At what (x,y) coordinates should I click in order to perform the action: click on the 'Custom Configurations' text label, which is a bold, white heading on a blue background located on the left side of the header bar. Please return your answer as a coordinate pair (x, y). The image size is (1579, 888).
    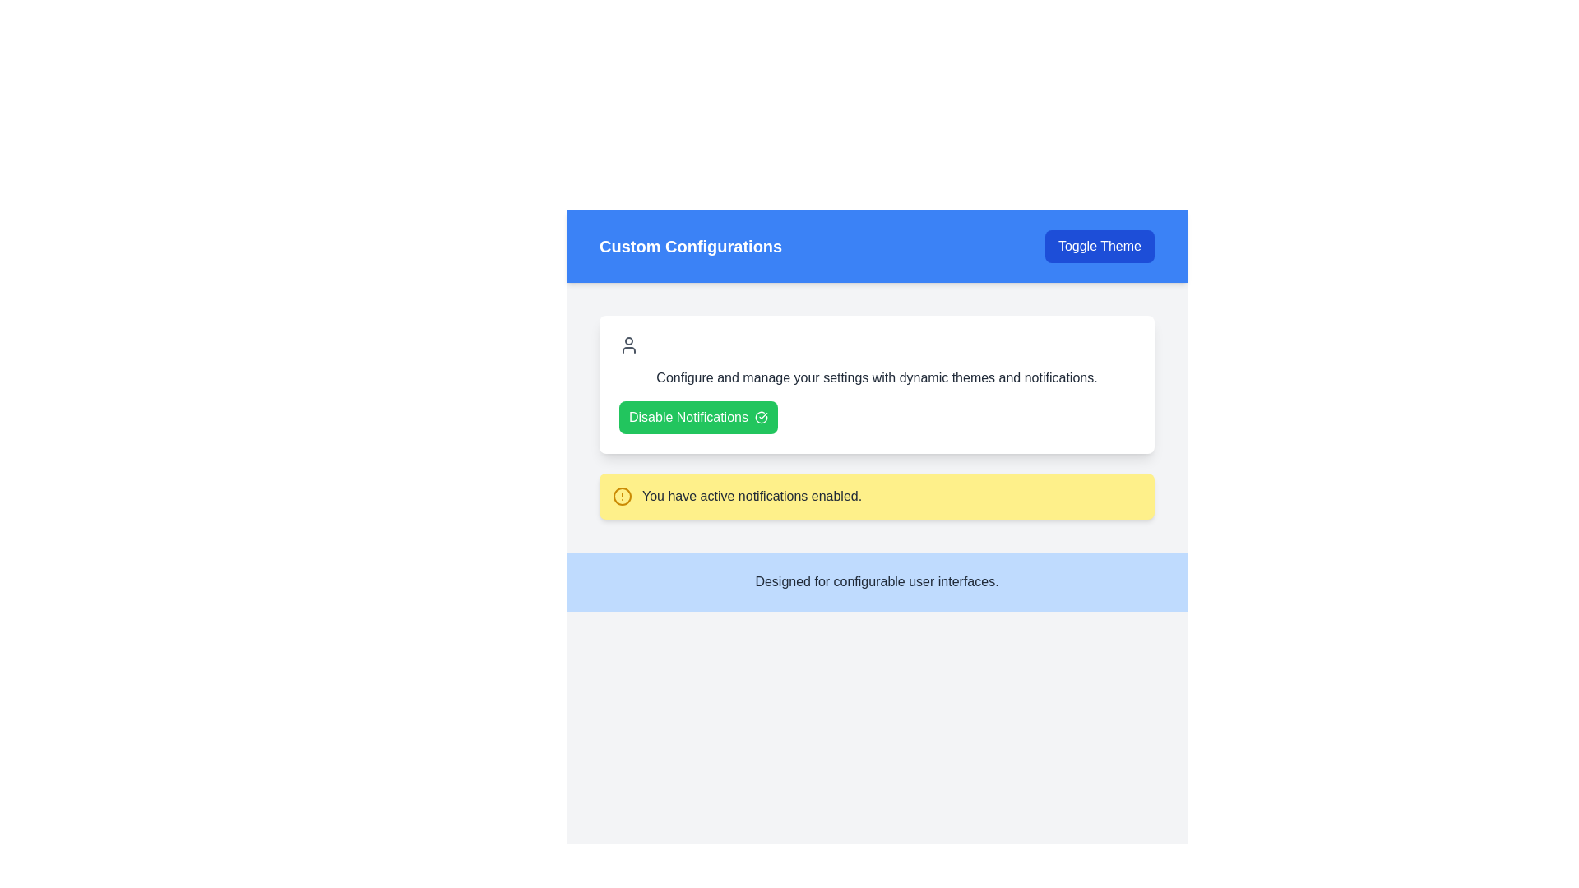
    Looking at the image, I should click on (691, 247).